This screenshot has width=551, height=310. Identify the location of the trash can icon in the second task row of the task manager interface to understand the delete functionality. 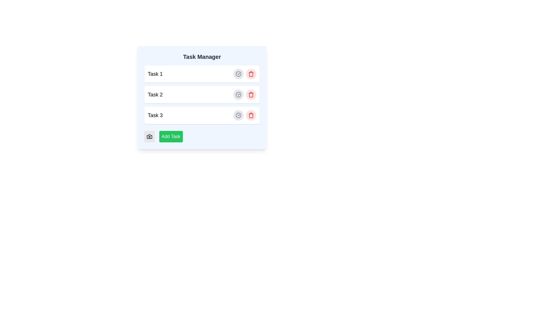
(251, 95).